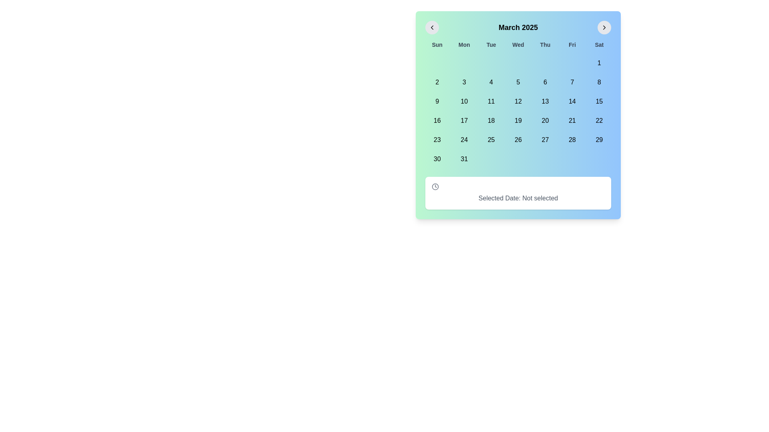 The image size is (769, 432). What do you see at coordinates (518, 115) in the screenshot?
I see `a date within the Calendar View element titled 'March 2025'` at bounding box center [518, 115].